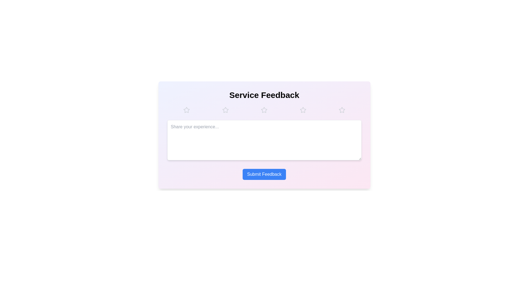  Describe the element at coordinates (264, 174) in the screenshot. I see `the 'Submit Feedback' button` at that location.